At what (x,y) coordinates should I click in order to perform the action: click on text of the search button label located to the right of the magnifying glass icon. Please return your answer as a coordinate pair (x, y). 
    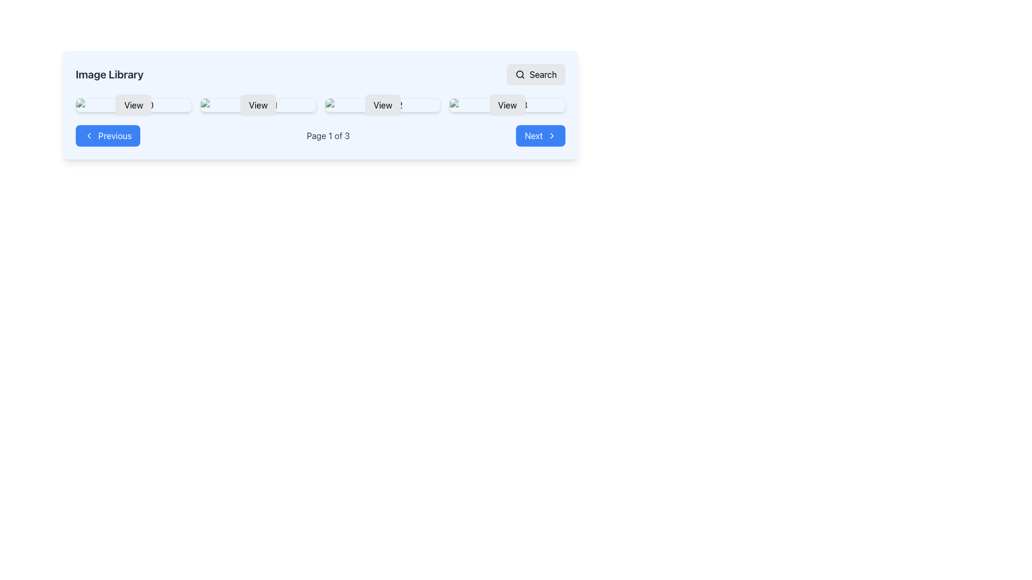
    Looking at the image, I should click on (543, 74).